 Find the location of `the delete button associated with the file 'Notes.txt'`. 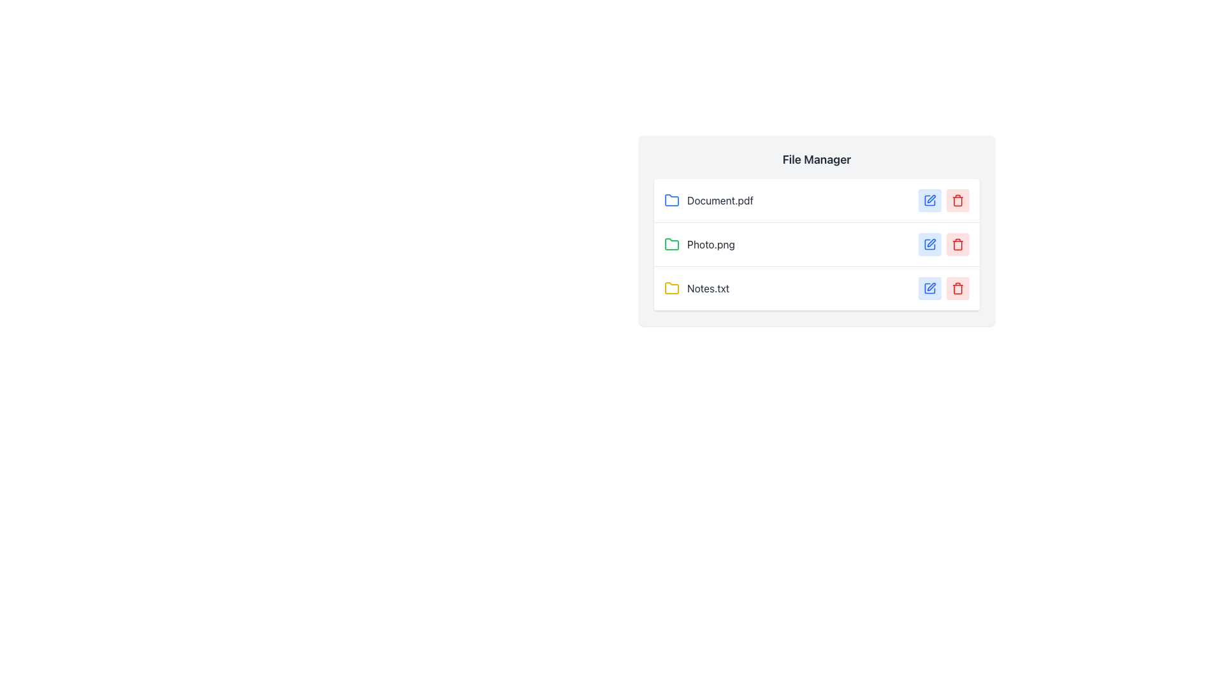

the delete button associated with the file 'Notes.txt' is located at coordinates (957, 288).